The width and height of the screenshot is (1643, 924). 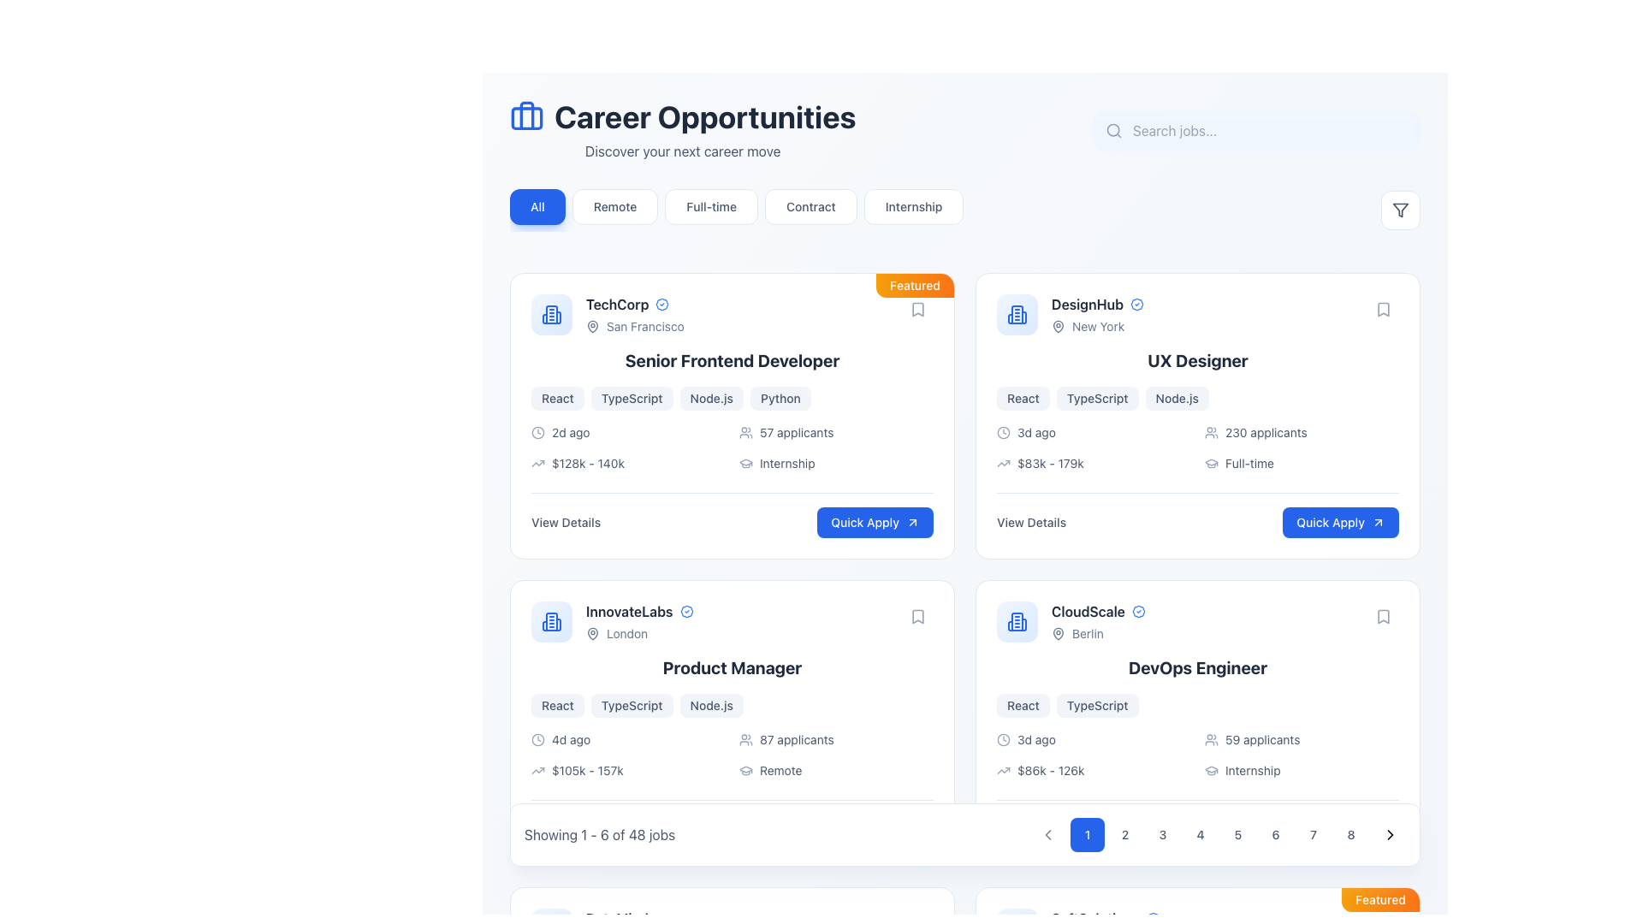 I want to click on the decorative icon representing TechCorp's location, situated beneath the company name and near the job title 'Senior Frontend Developer', so click(x=592, y=326).